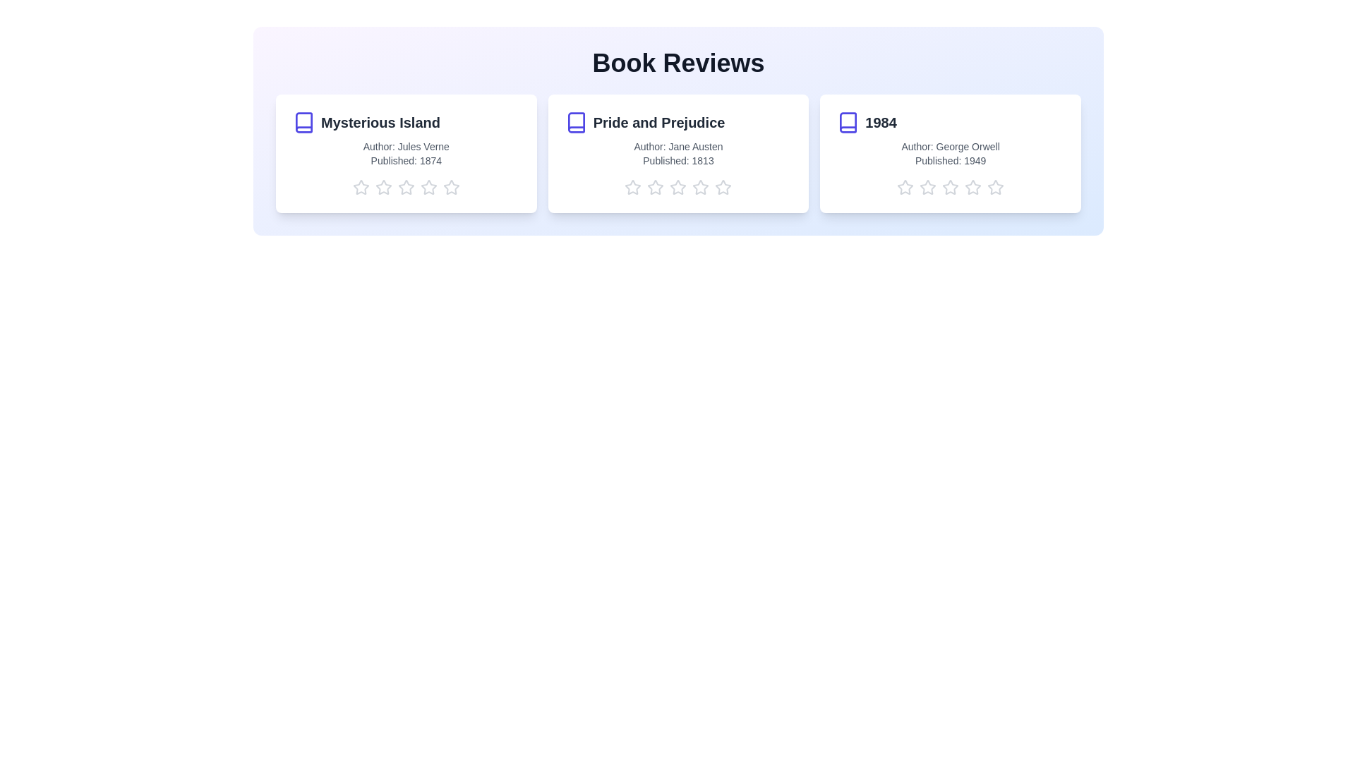 The width and height of the screenshot is (1355, 762). What do you see at coordinates (678, 154) in the screenshot?
I see `the card of the book titled 'Pride and Prejudice' to see the hover effect` at bounding box center [678, 154].